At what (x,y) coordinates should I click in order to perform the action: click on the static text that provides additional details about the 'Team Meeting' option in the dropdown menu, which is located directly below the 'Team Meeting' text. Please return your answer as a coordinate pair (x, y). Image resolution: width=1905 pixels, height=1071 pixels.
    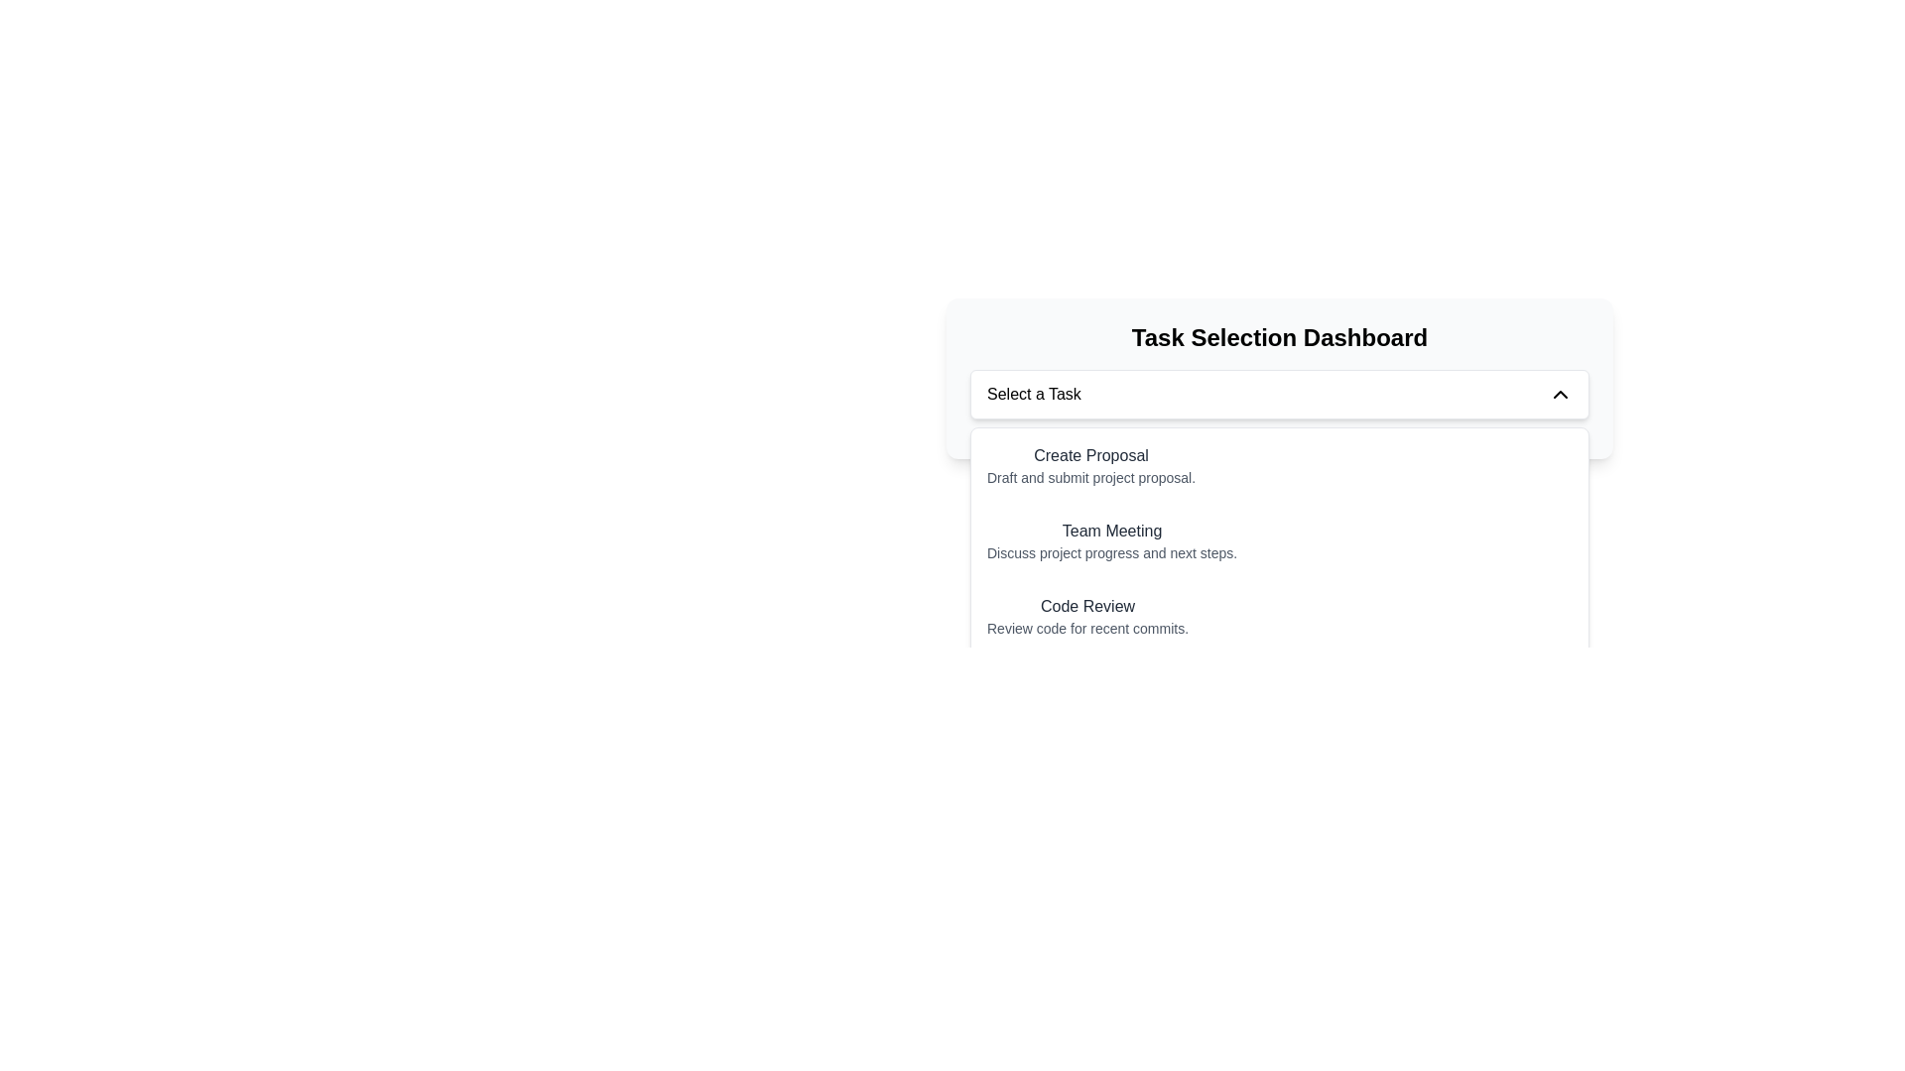
    Looking at the image, I should click on (1112, 553).